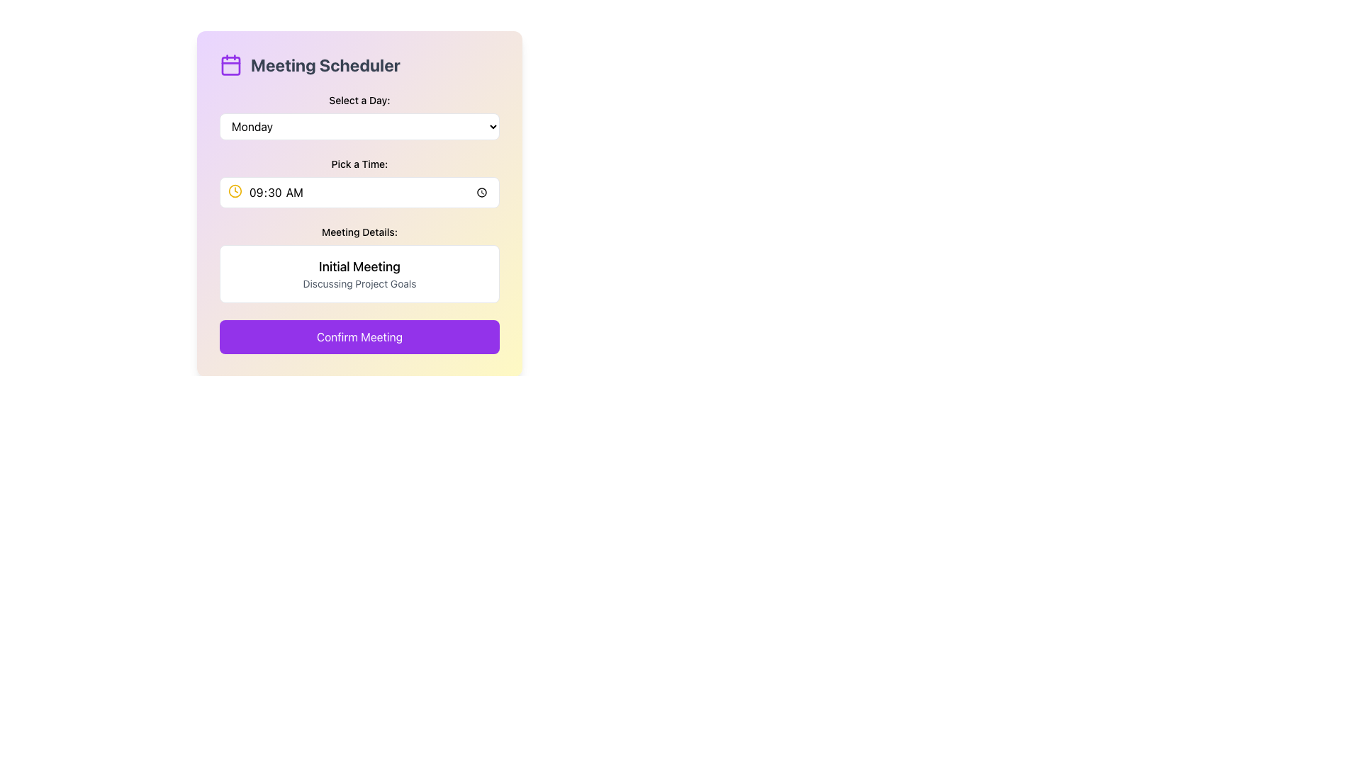 The width and height of the screenshot is (1361, 765). What do you see at coordinates (235, 191) in the screenshot?
I see `the time input field associated with the icon located to the left of the input field displaying '09:30 AM' in the 'Pick a Time:' section` at bounding box center [235, 191].